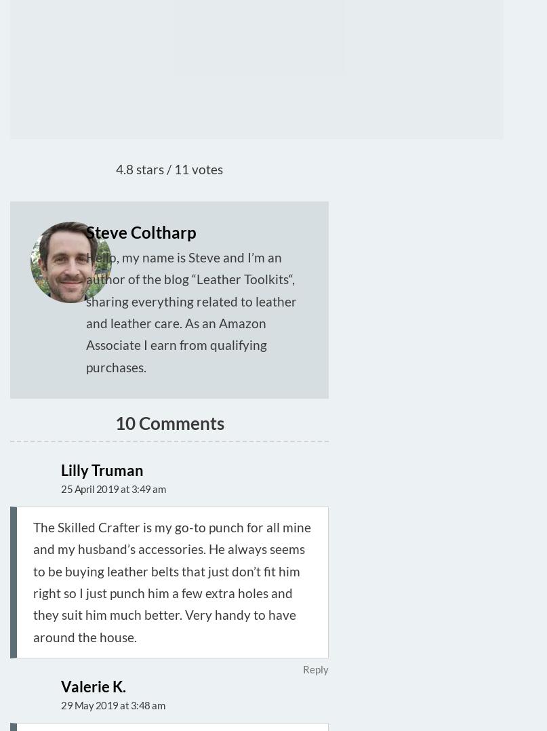  Describe the element at coordinates (124, 168) in the screenshot. I see `'4.8'` at that location.